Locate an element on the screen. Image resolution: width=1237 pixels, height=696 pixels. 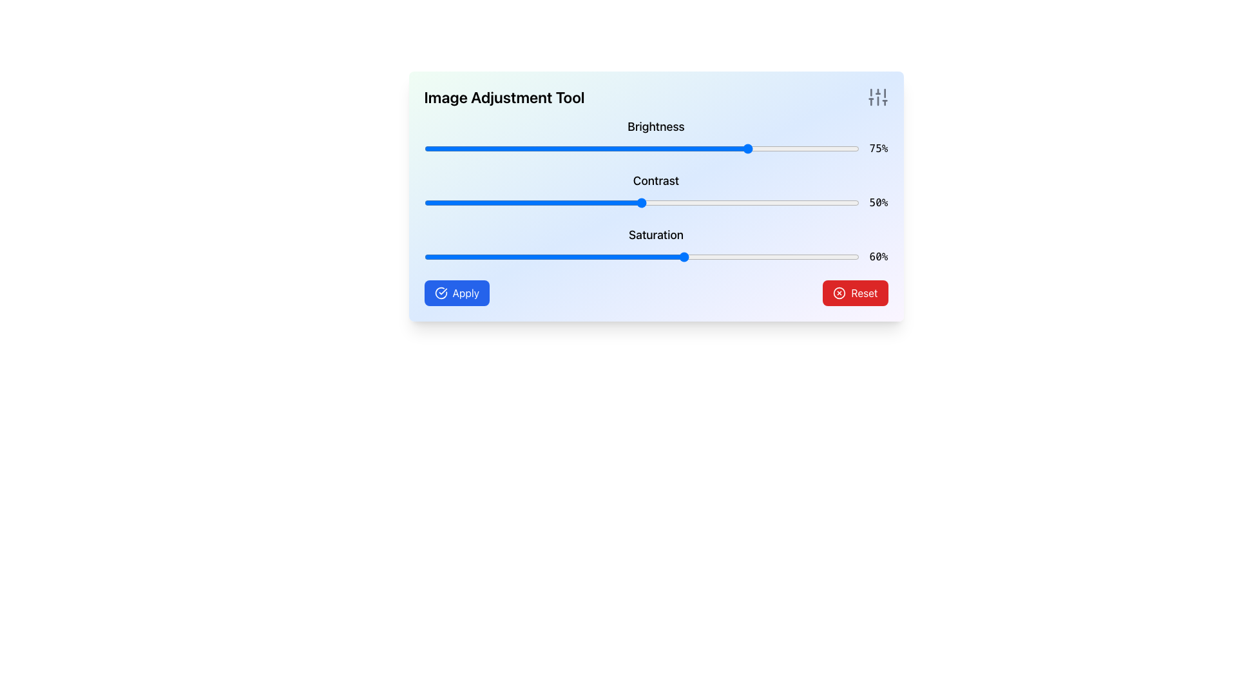
the text label within the blue 'Apply' button located at the bottom-left corner of the interface, which indicates the action of applying specified settings is located at coordinates (465, 293).